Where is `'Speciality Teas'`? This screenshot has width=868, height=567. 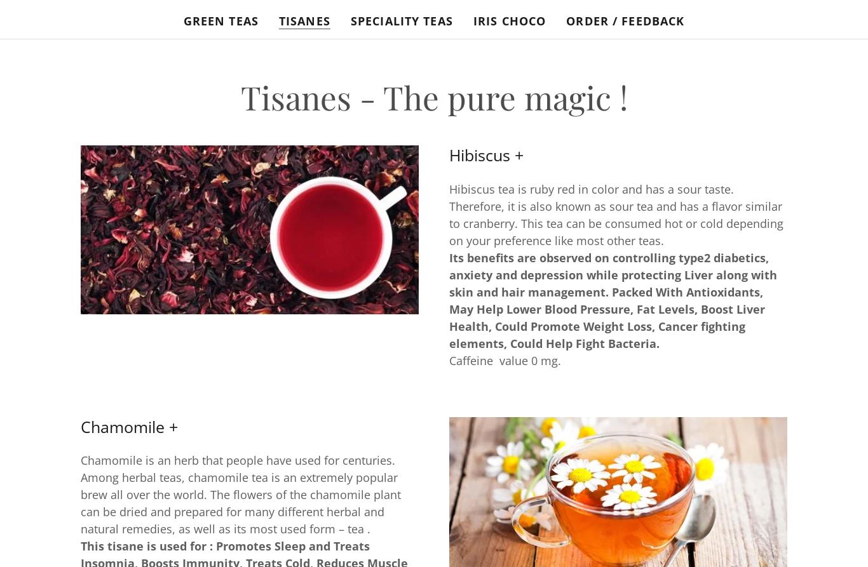 'Speciality Teas' is located at coordinates (400, 21).